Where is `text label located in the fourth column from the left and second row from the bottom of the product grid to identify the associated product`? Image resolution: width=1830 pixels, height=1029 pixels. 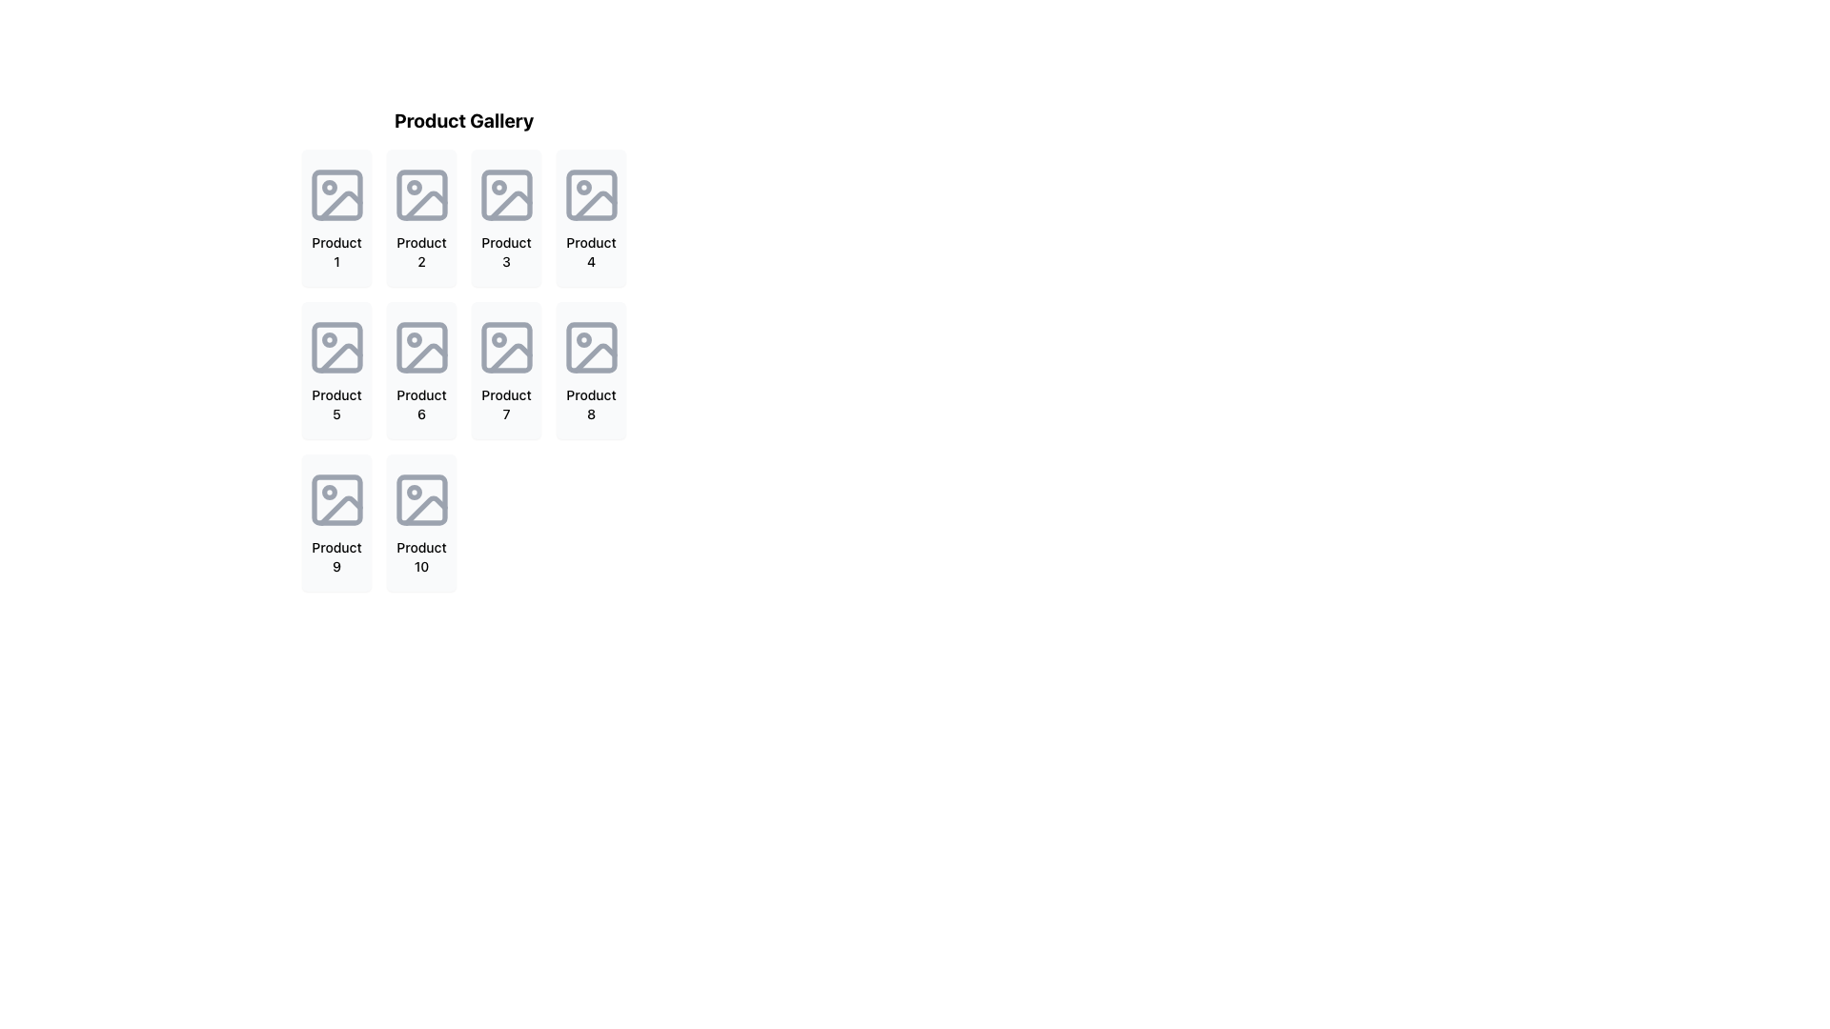
text label located in the fourth column from the left and second row from the bottom of the product grid to identify the associated product is located at coordinates (590, 403).